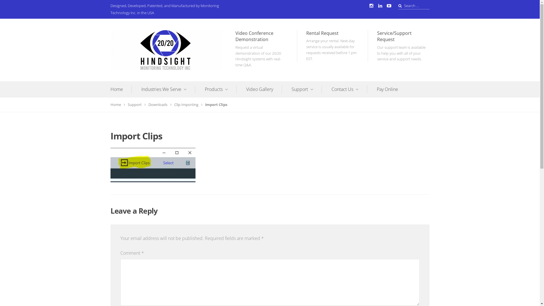 The width and height of the screenshot is (544, 306). Describe the element at coordinates (388, 6) in the screenshot. I see `'YouTube'` at that location.